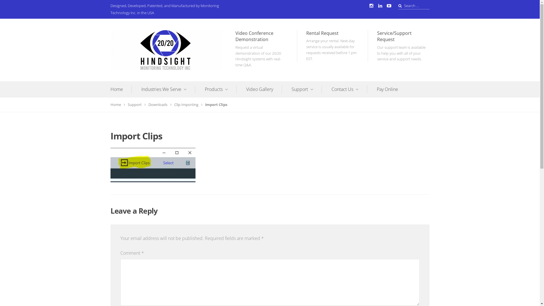 The width and height of the screenshot is (544, 306). Describe the element at coordinates (388, 6) in the screenshot. I see `'YouTube'` at that location.